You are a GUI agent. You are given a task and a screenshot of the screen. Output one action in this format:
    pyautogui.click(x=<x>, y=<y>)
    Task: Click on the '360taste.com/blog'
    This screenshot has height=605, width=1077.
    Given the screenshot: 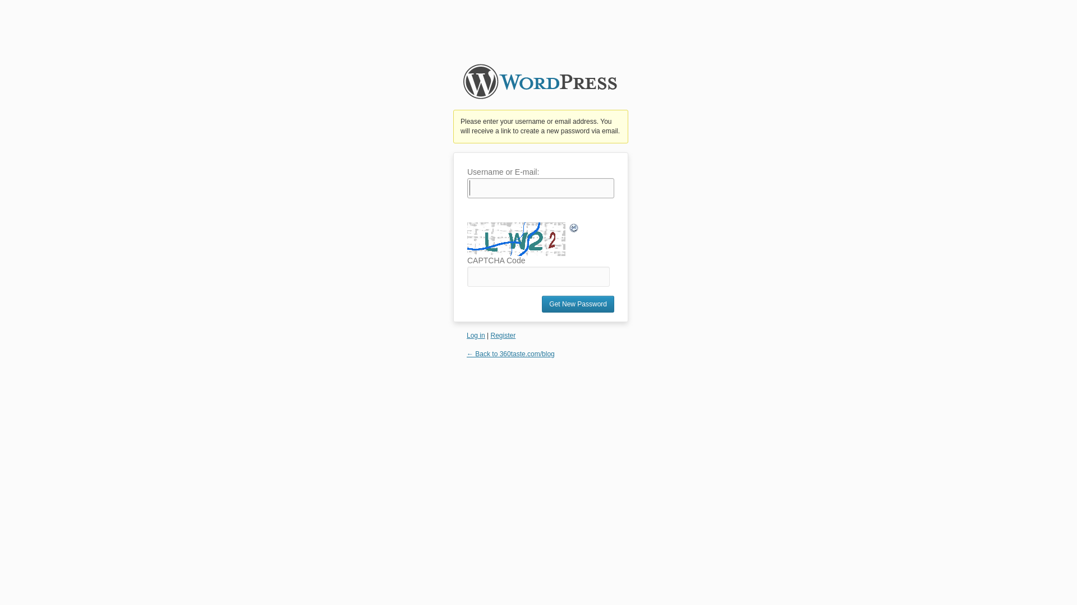 What is the action you would take?
    pyautogui.click(x=540, y=86)
    